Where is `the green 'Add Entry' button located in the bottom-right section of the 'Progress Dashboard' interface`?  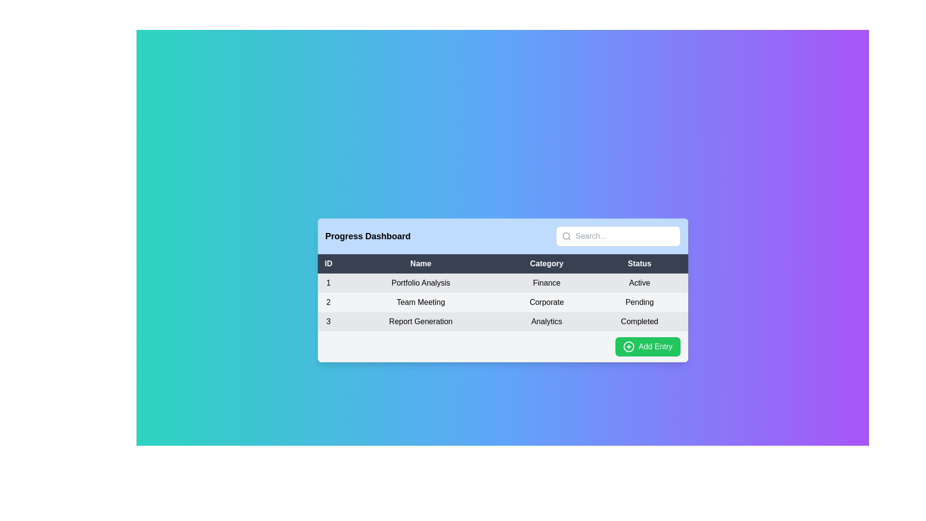 the green 'Add Entry' button located in the bottom-right section of the 'Progress Dashboard' interface is located at coordinates (648, 346).